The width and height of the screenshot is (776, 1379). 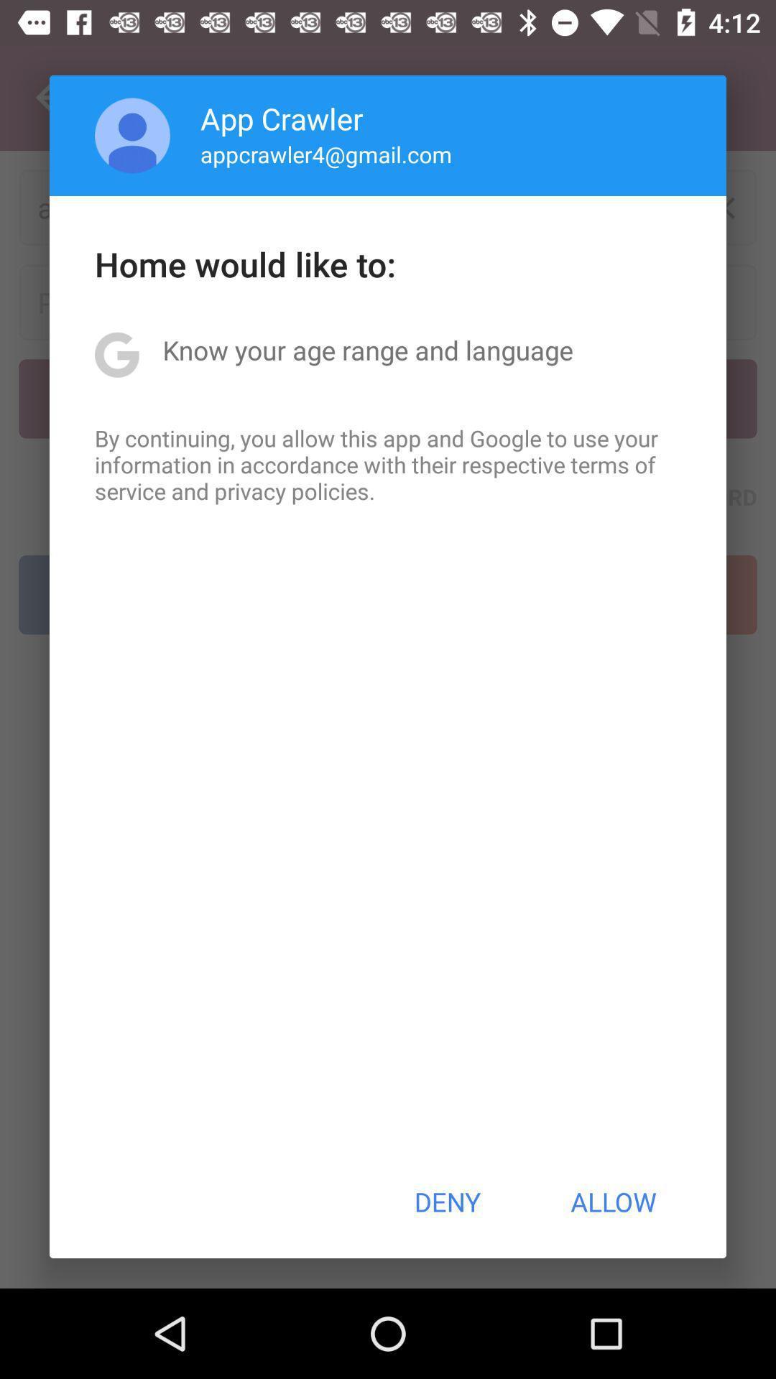 I want to click on appcrawler4@gmail.com, so click(x=326, y=154).